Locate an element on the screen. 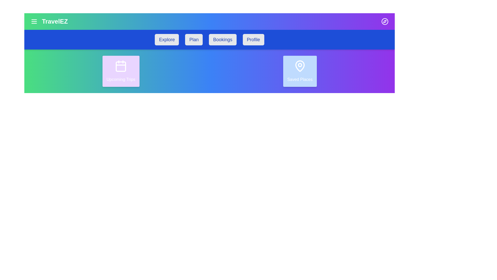 The height and width of the screenshot is (280, 497). the menu item labeled Bookings to navigate to the corresponding section is located at coordinates (223, 39).